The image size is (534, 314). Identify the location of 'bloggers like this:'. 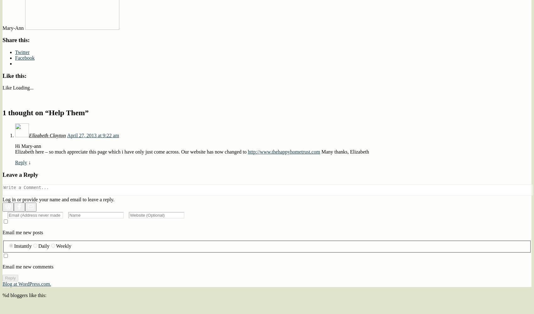
(28, 295).